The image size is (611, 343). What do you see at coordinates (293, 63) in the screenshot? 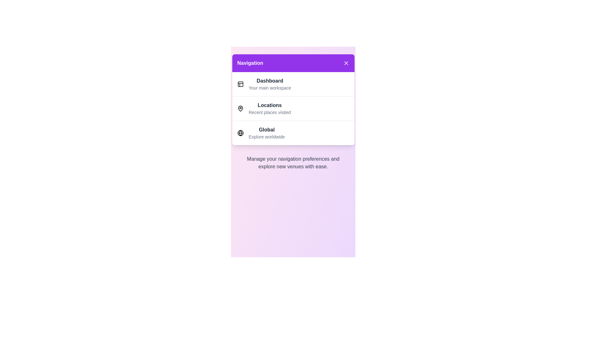
I see `toggle button at the top of the navigation menu to close it` at bounding box center [293, 63].